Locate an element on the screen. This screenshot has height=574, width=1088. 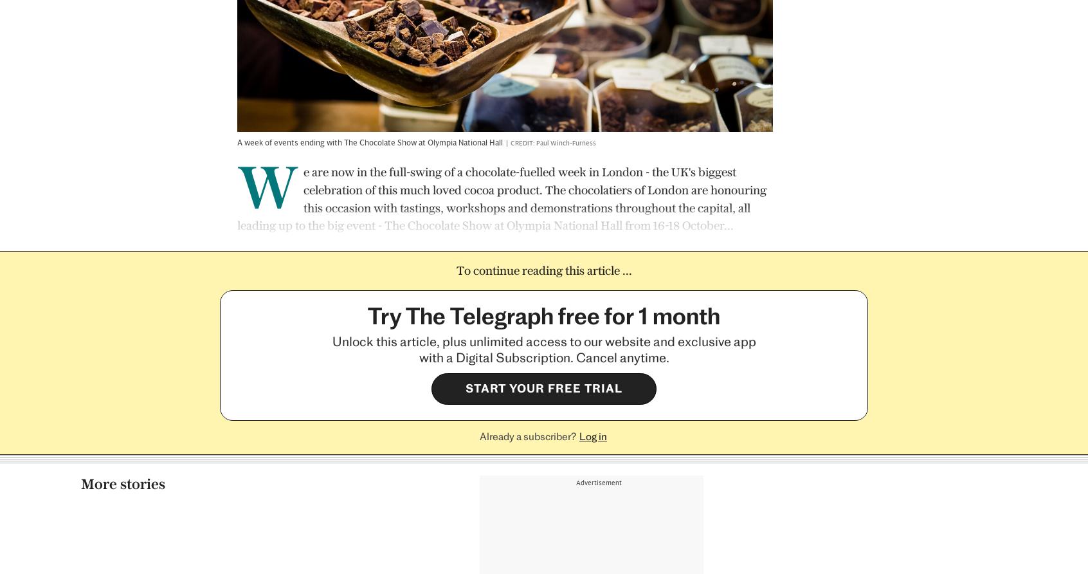
'Tomé Morrissy-Swan' is located at coordinates (761, 460).